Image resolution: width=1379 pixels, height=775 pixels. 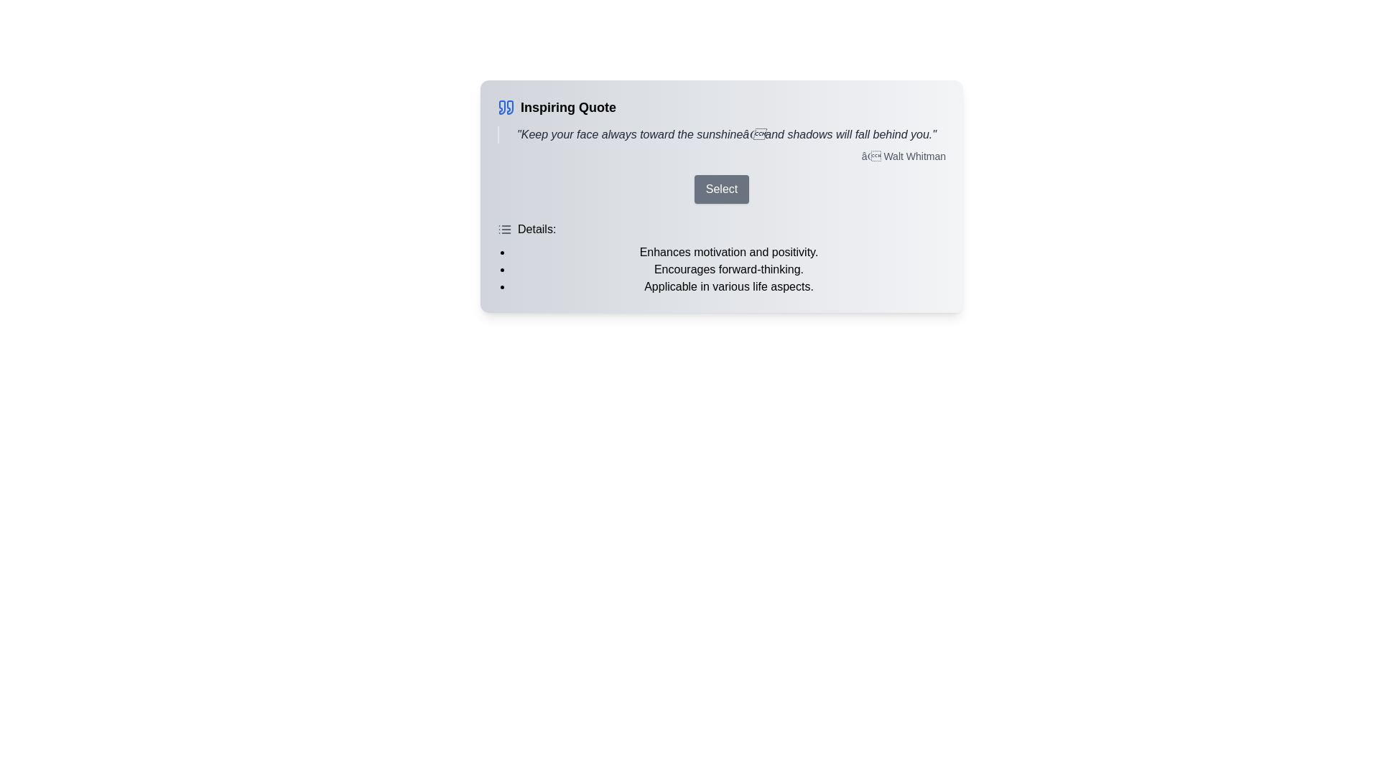 I want to click on the rectangular button with rounded corners and gray background labeled 'Select', so click(x=721, y=188).